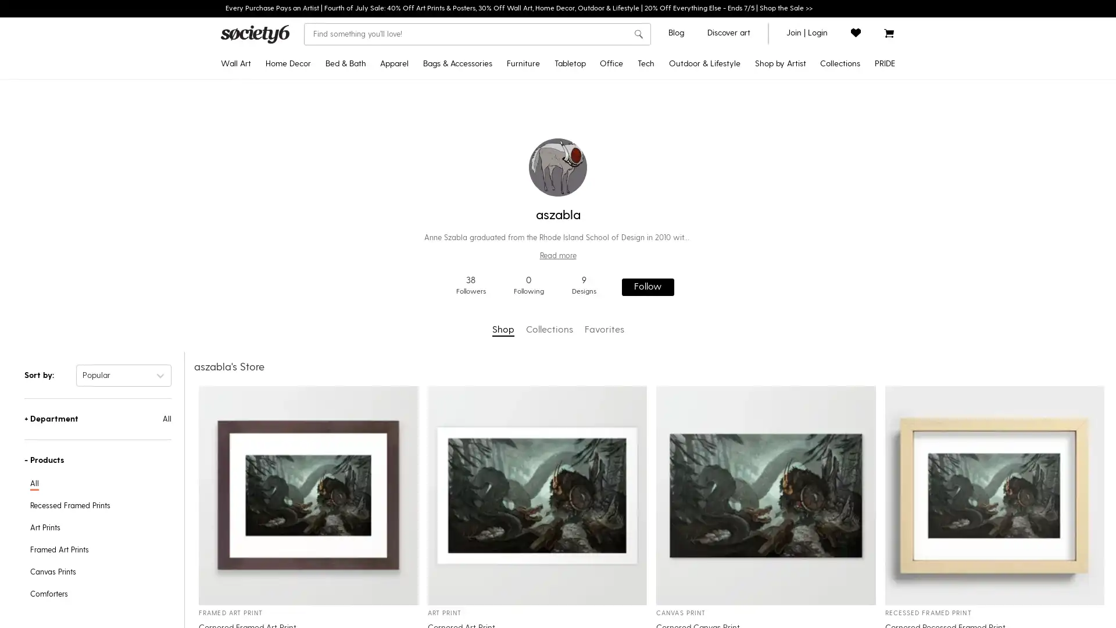  What do you see at coordinates (569, 64) in the screenshot?
I see `Tabletop` at bounding box center [569, 64].